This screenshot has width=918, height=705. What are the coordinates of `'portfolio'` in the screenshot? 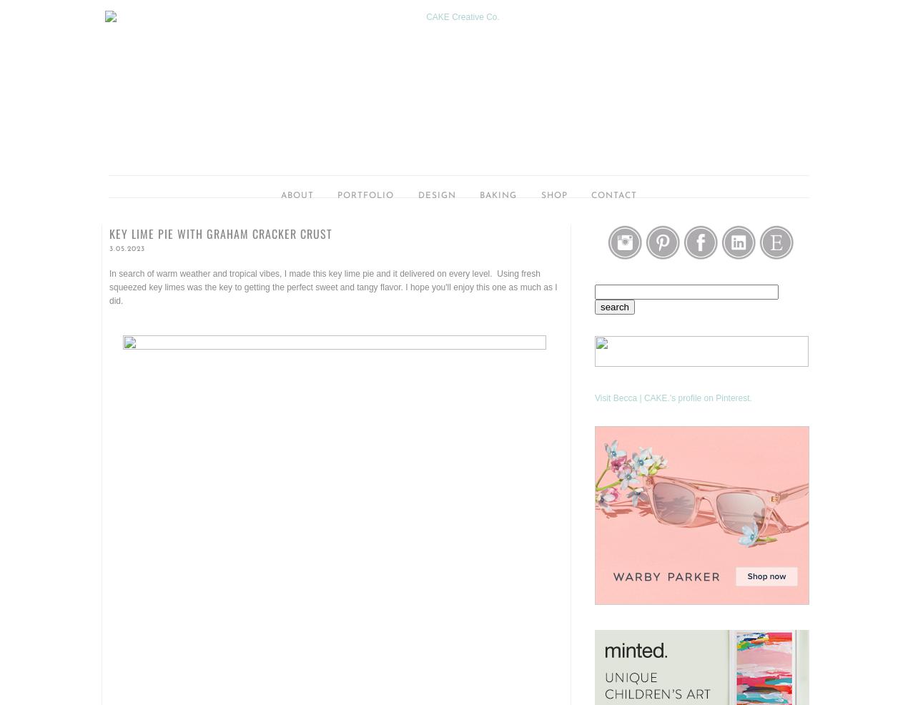 It's located at (365, 196).